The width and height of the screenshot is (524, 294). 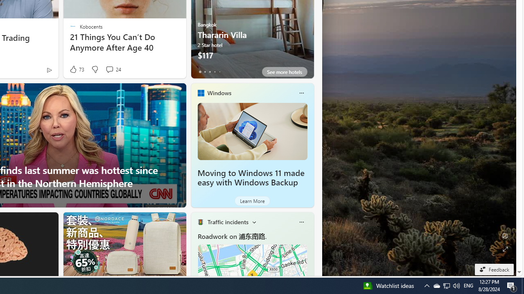 What do you see at coordinates (215, 71) in the screenshot?
I see `'tab-3'` at bounding box center [215, 71].